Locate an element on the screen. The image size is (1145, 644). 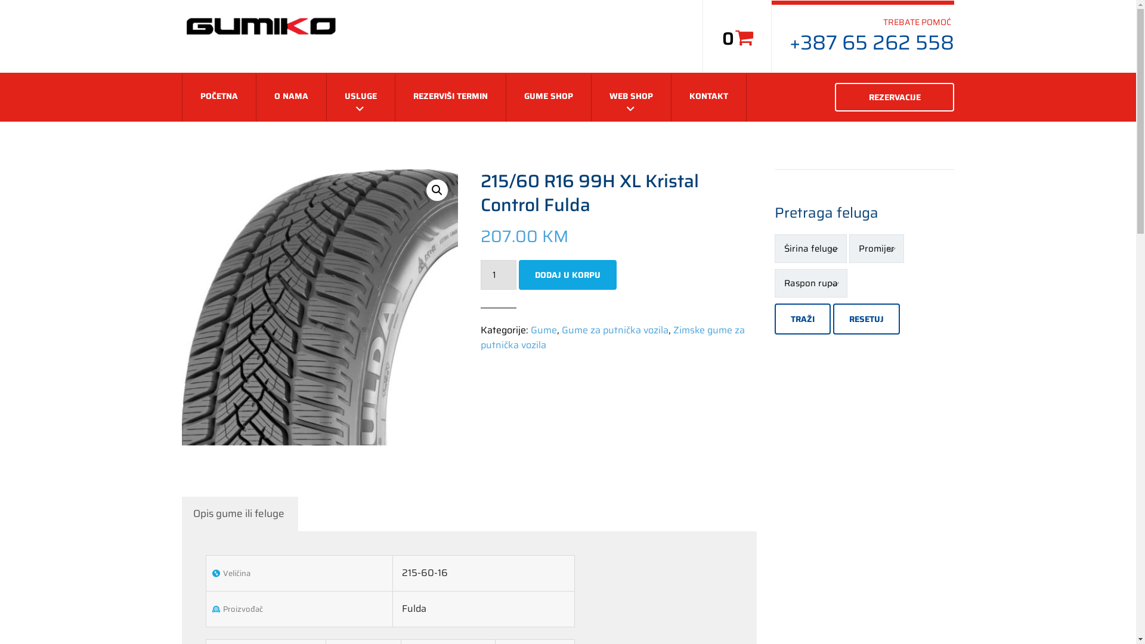
'USLUGE' is located at coordinates (360, 96).